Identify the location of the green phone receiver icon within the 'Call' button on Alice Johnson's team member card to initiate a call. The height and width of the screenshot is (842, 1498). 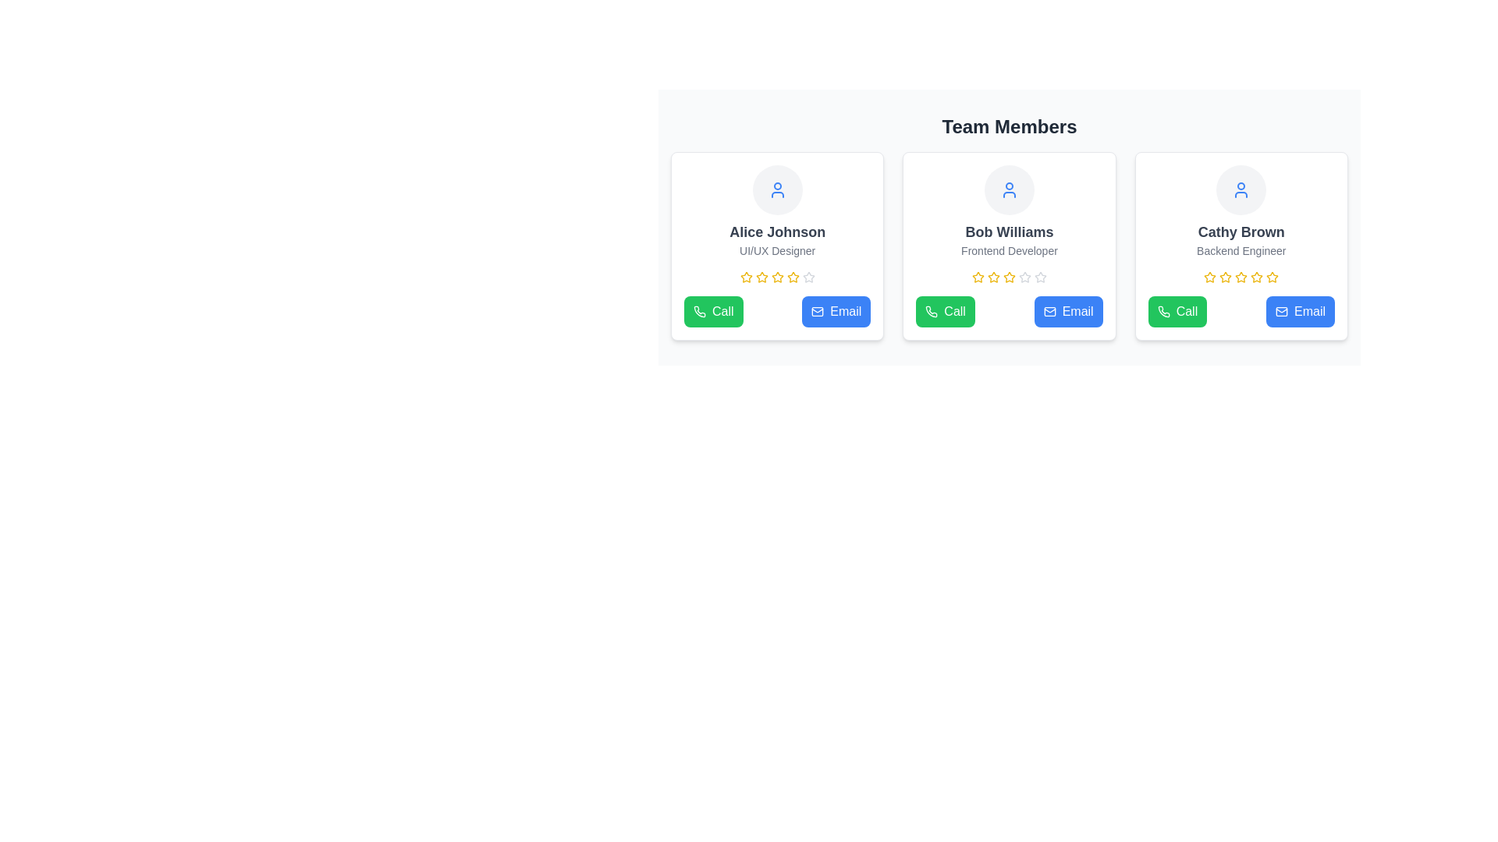
(699, 310).